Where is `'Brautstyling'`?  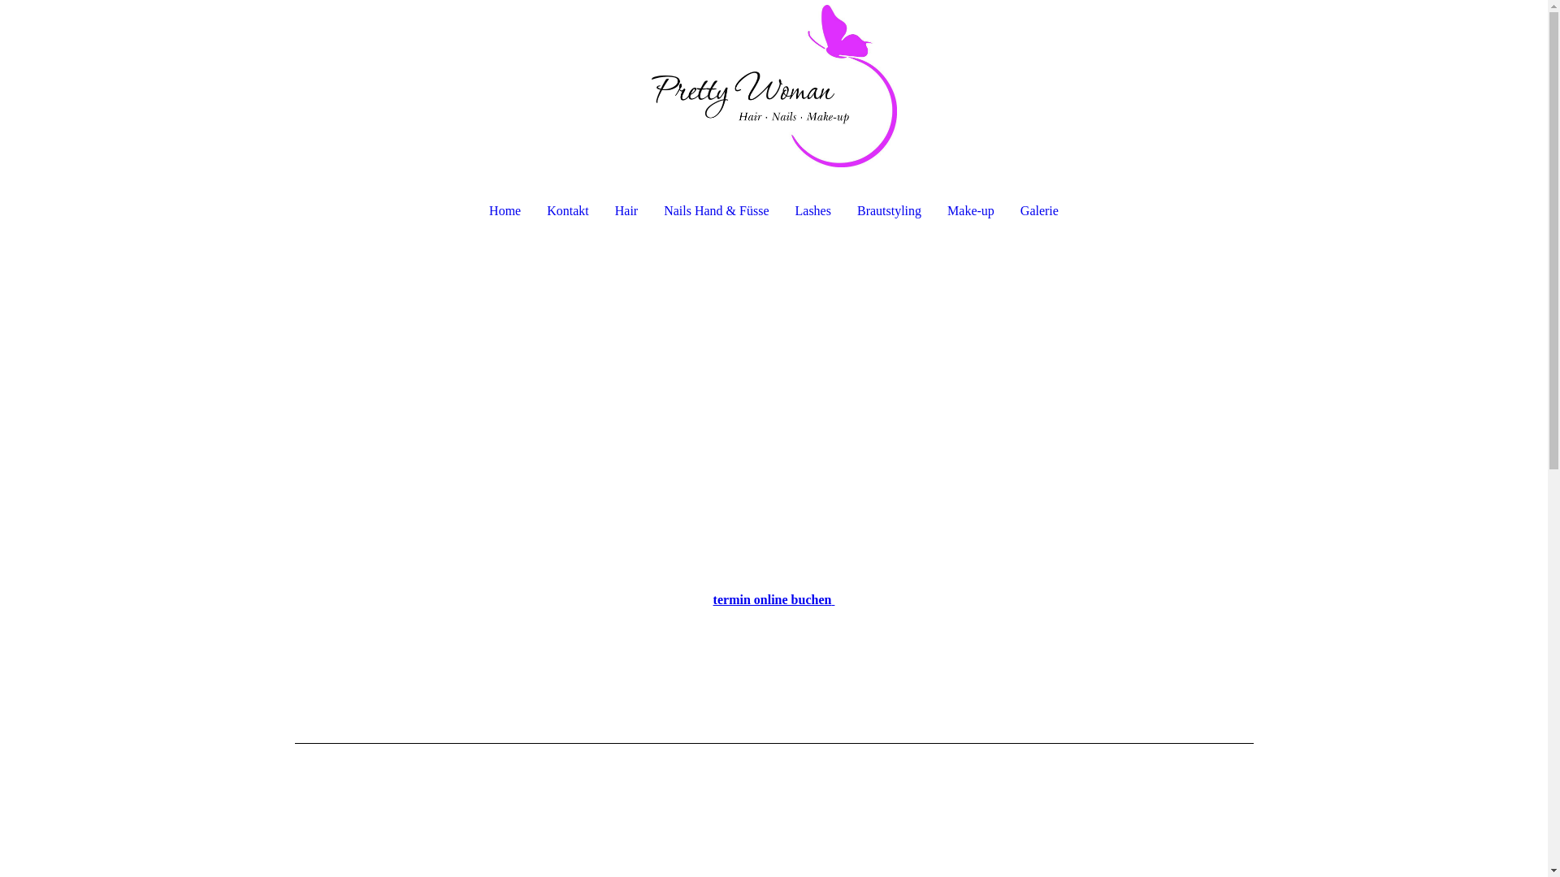
'Brautstyling' is located at coordinates (843, 210).